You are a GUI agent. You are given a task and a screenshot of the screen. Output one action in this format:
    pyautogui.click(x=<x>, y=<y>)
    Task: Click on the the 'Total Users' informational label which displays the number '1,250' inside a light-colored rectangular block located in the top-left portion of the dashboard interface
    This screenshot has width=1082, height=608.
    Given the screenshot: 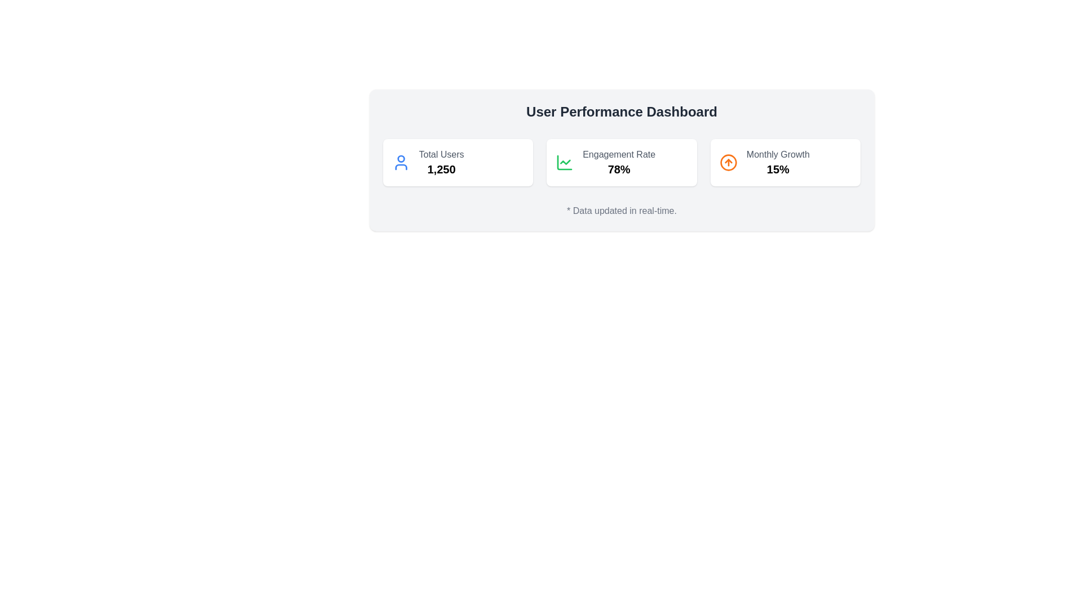 What is the action you would take?
    pyautogui.click(x=441, y=163)
    